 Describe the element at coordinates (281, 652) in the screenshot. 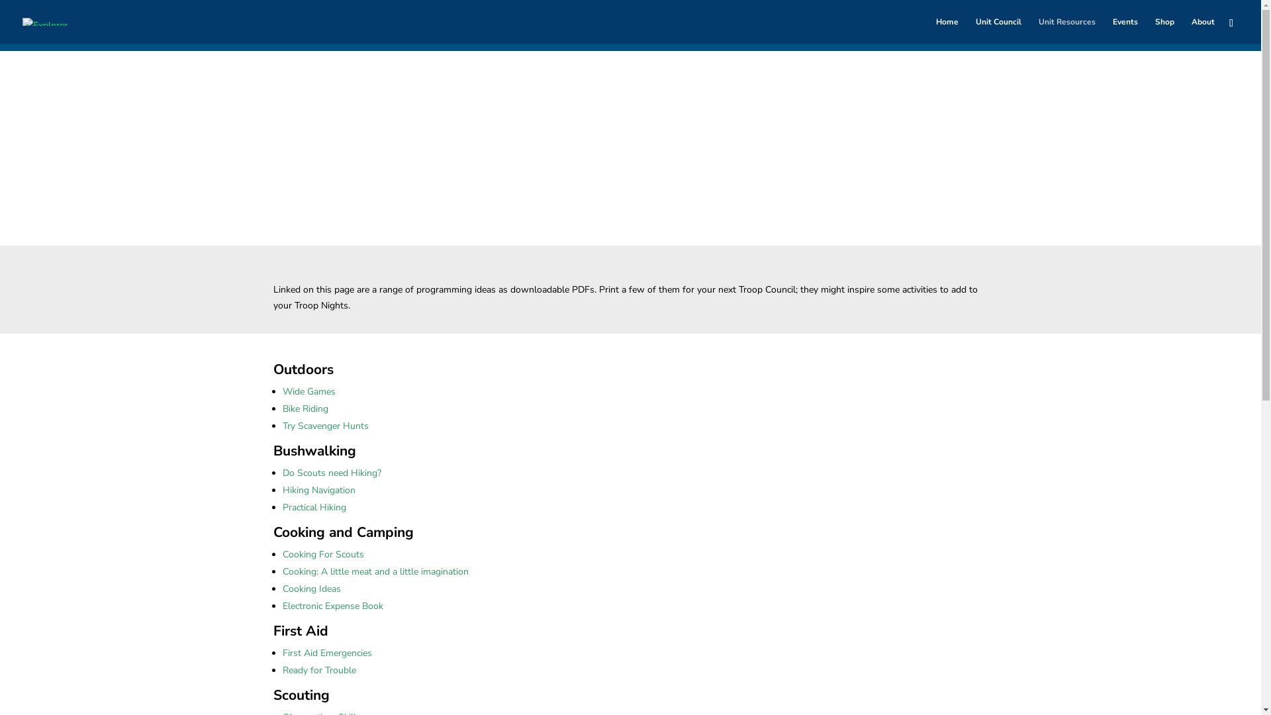

I see `'First Aid Emergencies'` at that location.